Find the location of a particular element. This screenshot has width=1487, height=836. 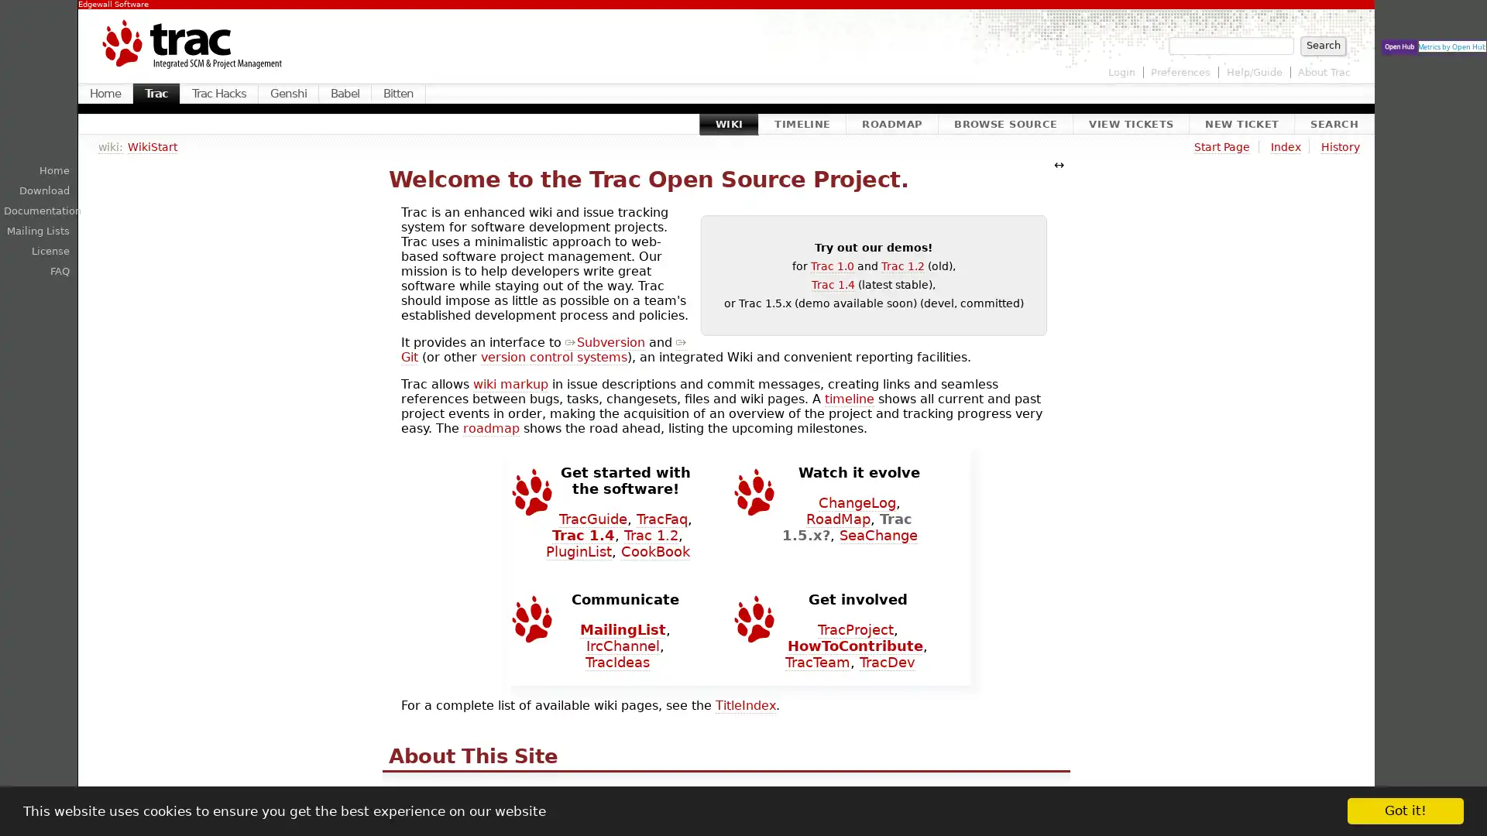

Search is located at coordinates (1322, 44).